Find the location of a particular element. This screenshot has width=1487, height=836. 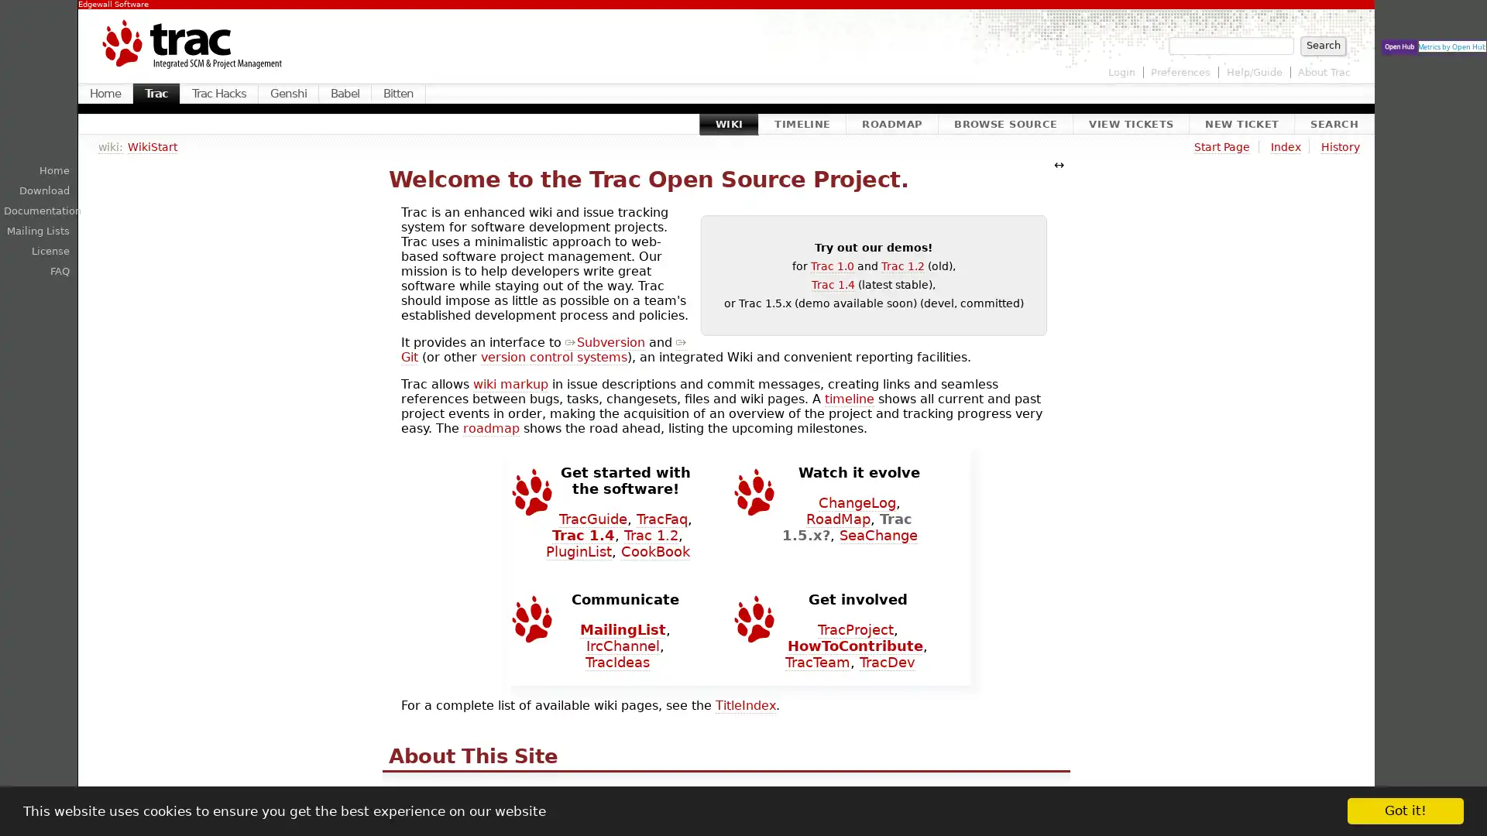

Search is located at coordinates (1322, 44).